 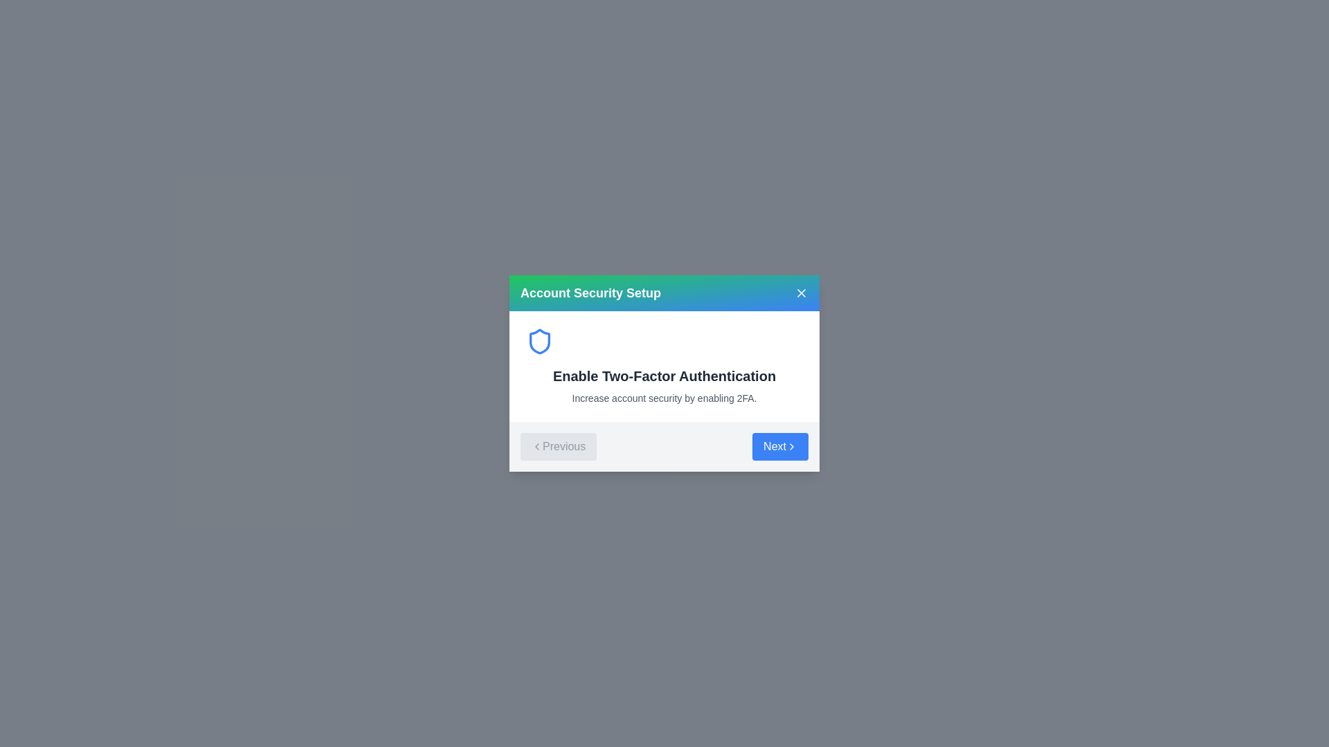 What do you see at coordinates (664, 398) in the screenshot?
I see `the informational Text label that provides context about enabling Two-Factor Authentication, positioned beneath the heading 'Enable Two-Factor Authentication'` at bounding box center [664, 398].